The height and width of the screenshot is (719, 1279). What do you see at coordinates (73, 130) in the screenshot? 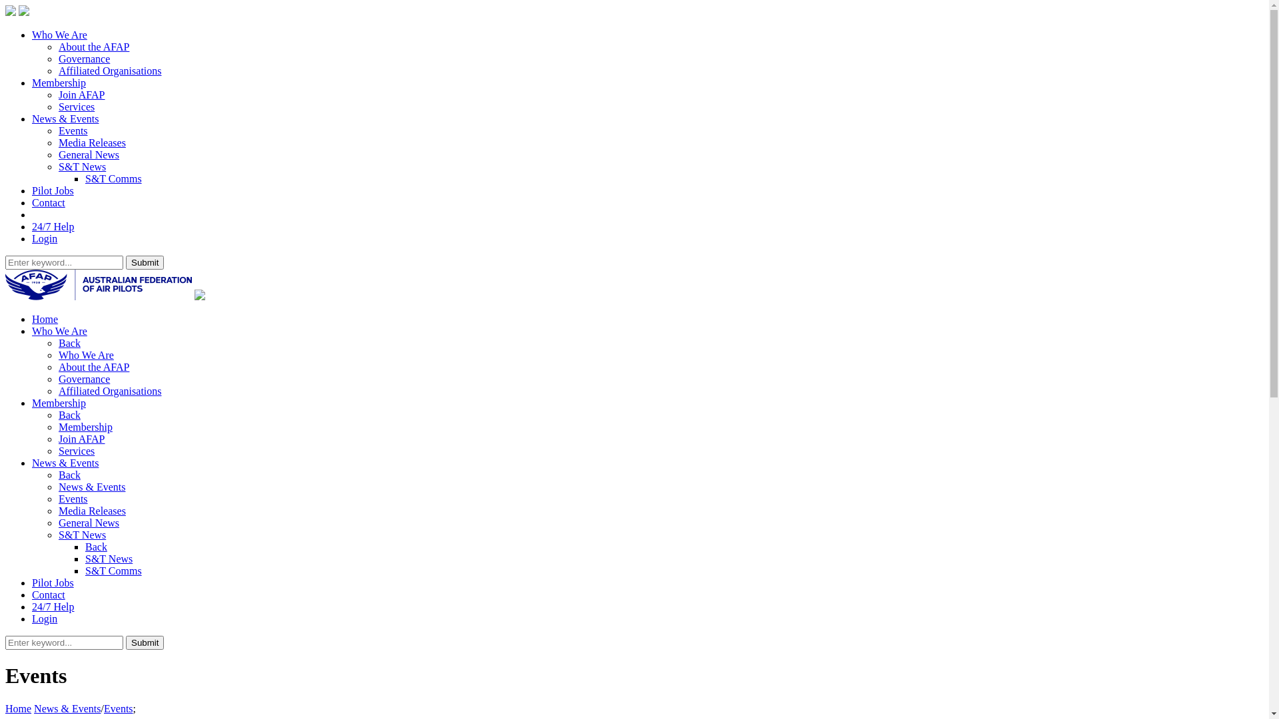
I see `'Events'` at bounding box center [73, 130].